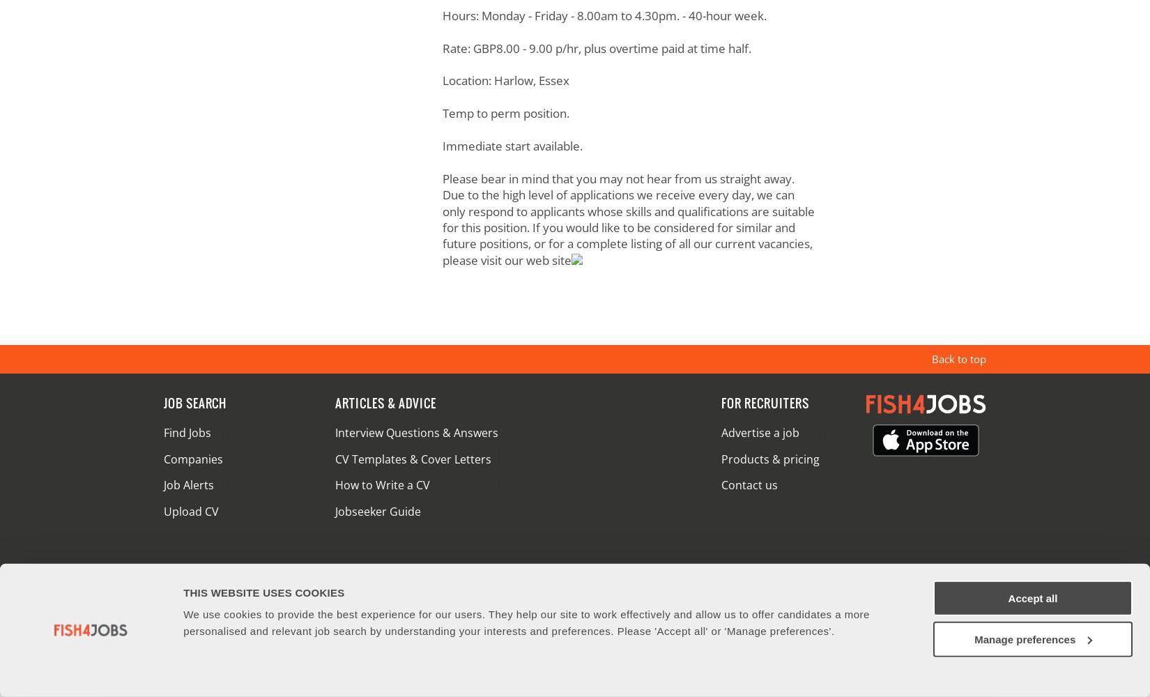 This screenshot has width=1150, height=697. What do you see at coordinates (384, 403) in the screenshot?
I see `'Articles & Advice'` at bounding box center [384, 403].